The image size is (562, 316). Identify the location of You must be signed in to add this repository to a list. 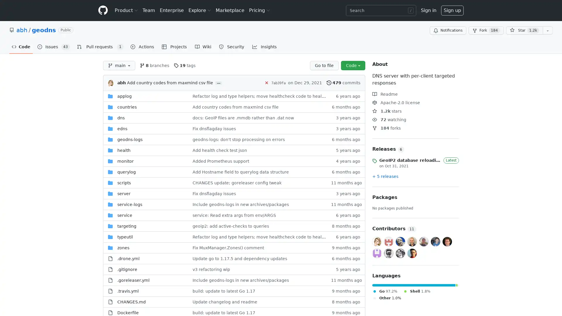
(547, 30).